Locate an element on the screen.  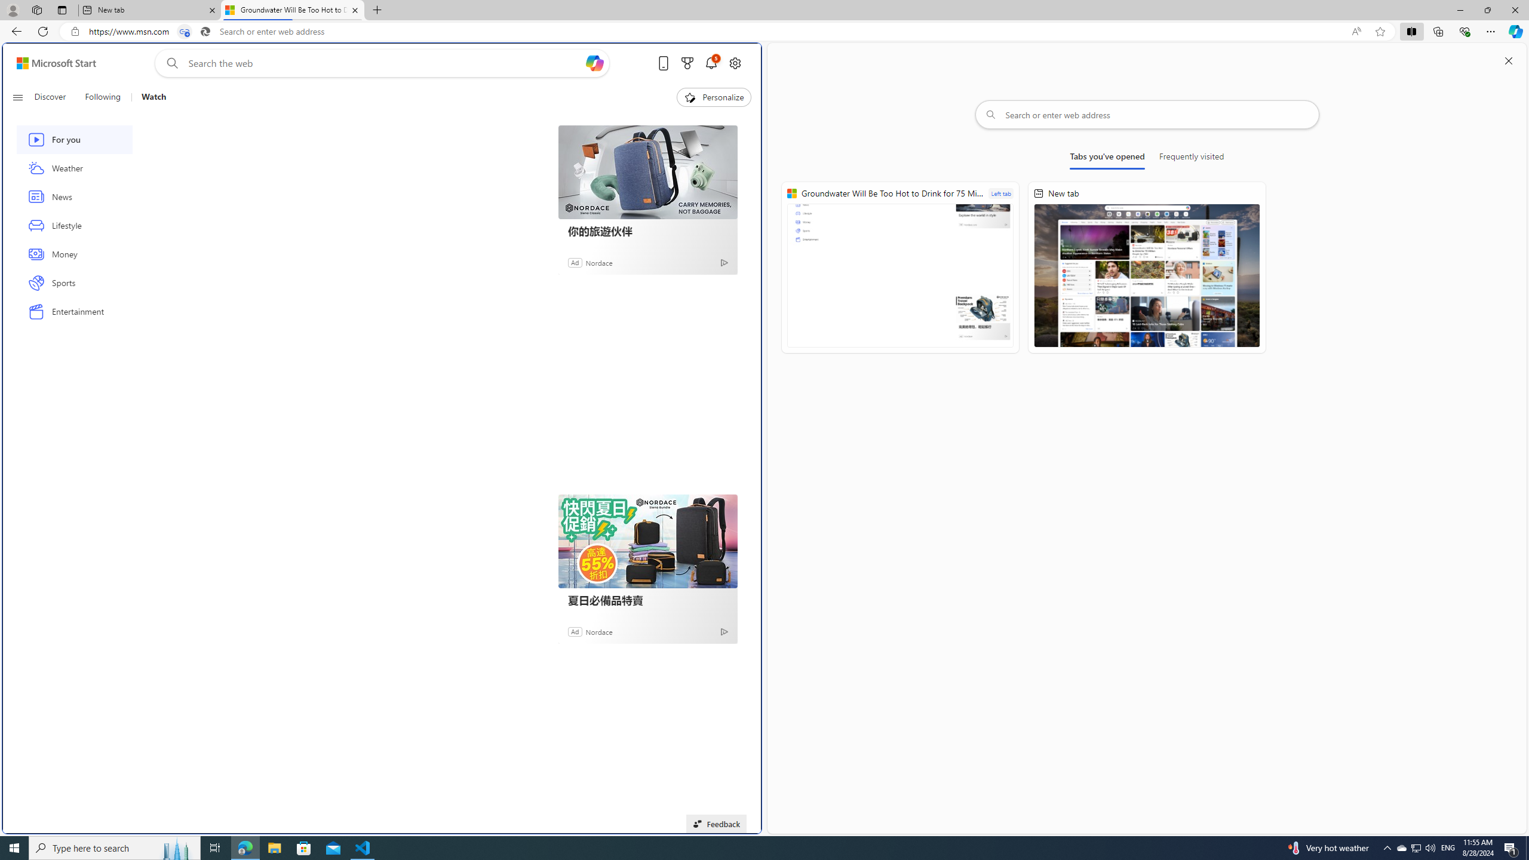
'Nordace' is located at coordinates (598, 631).